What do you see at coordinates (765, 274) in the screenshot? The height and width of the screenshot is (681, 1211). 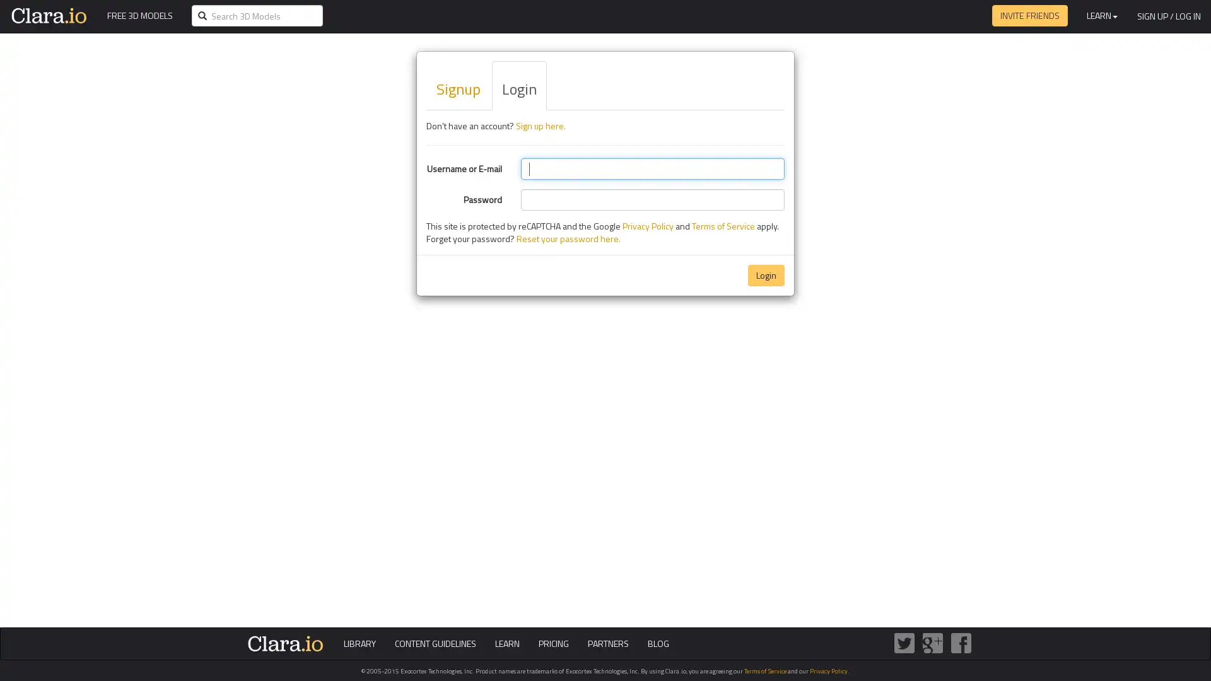 I see `Login` at bounding box center [765, 274].